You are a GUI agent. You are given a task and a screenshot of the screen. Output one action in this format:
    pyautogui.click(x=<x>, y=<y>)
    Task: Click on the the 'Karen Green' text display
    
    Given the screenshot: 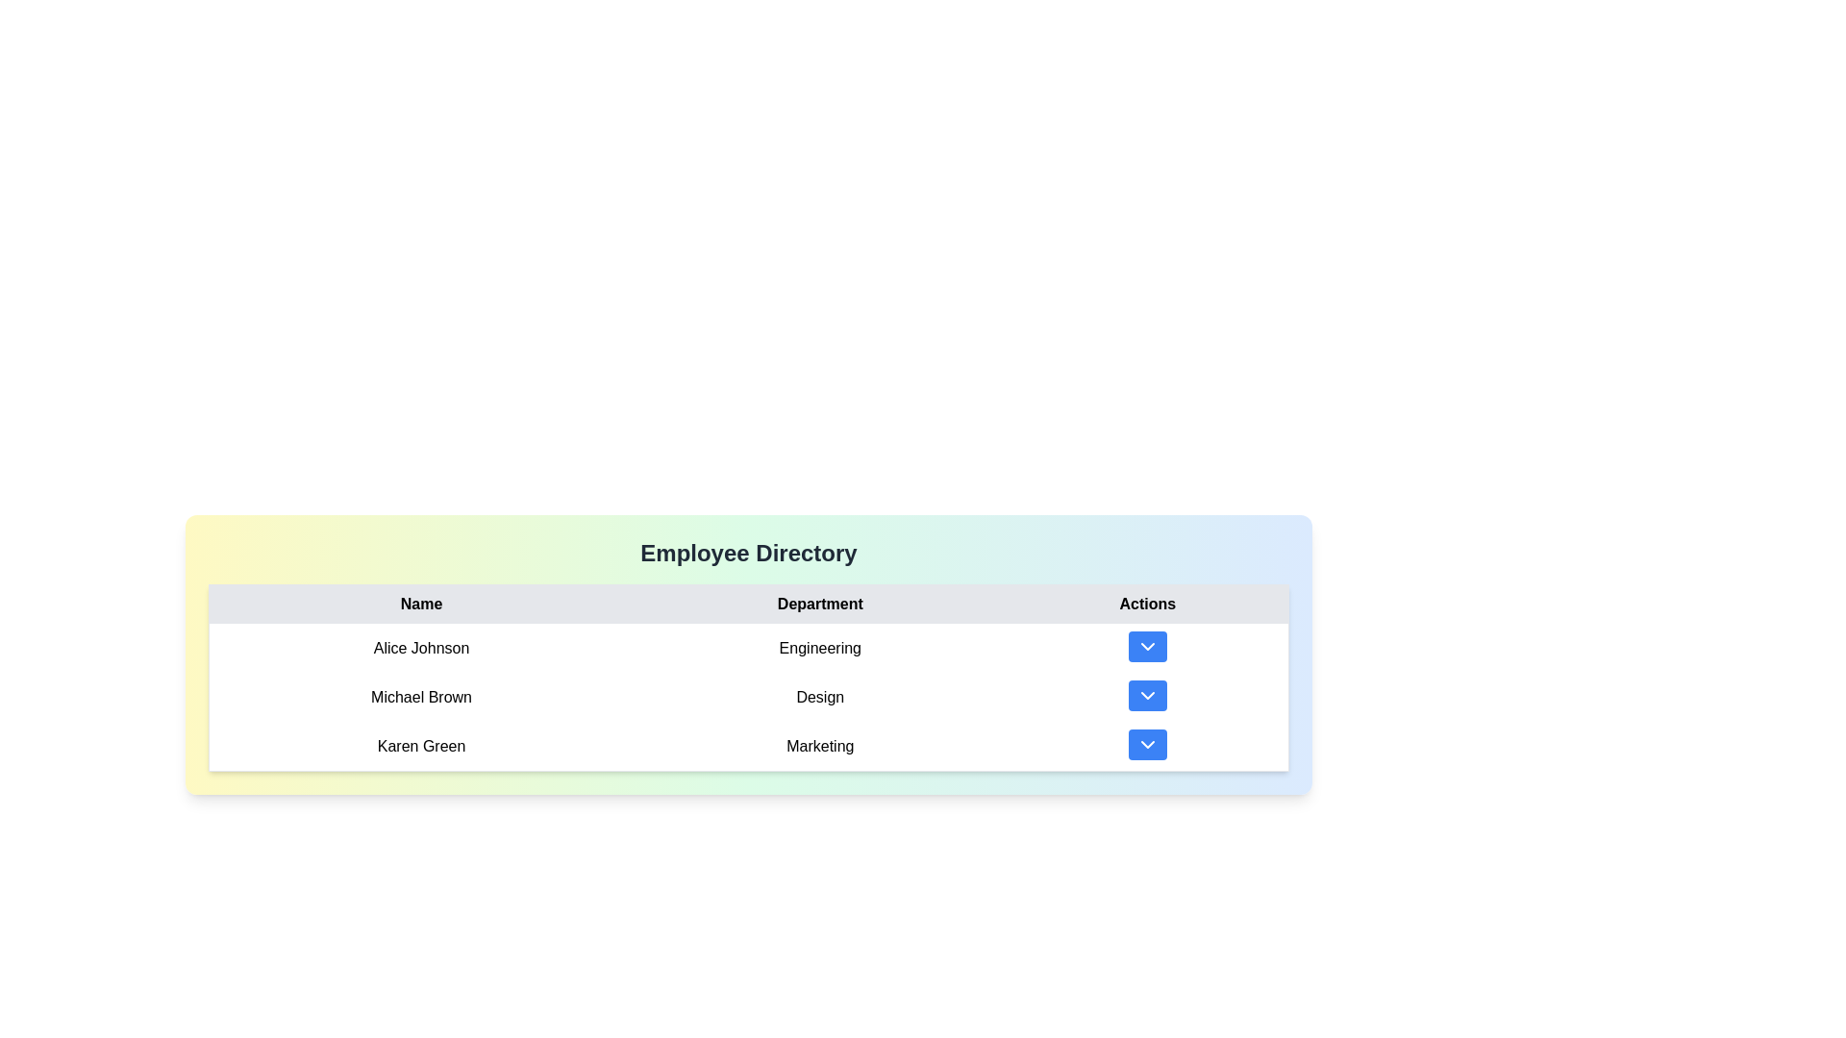 What is the action you would take?
    pyautogui.click(x=420, y=745)
    